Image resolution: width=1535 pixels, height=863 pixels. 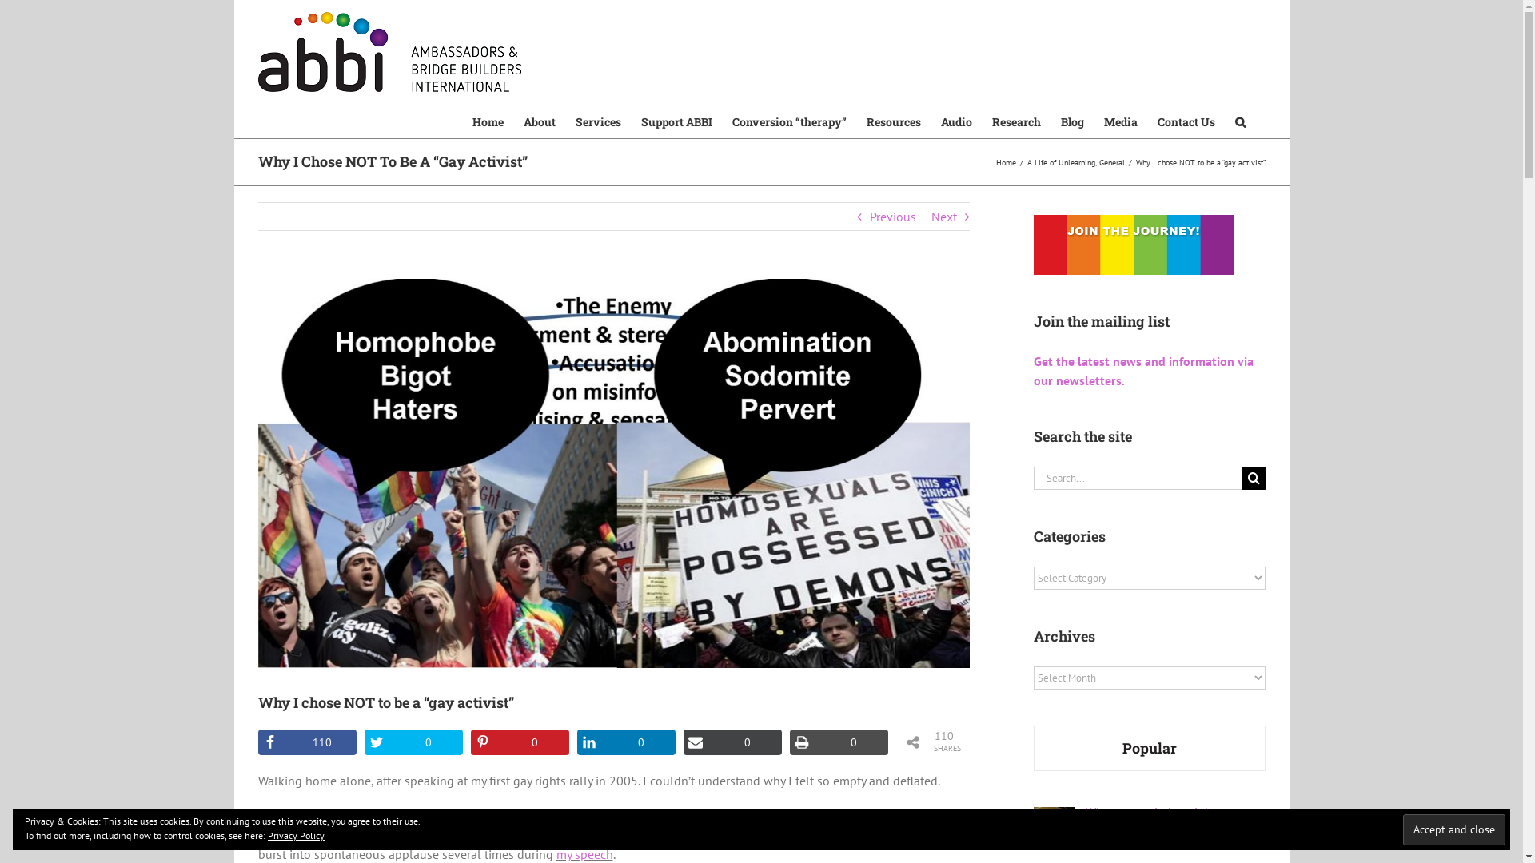 I want to click on 'Audio', so click(x=955, y=120).